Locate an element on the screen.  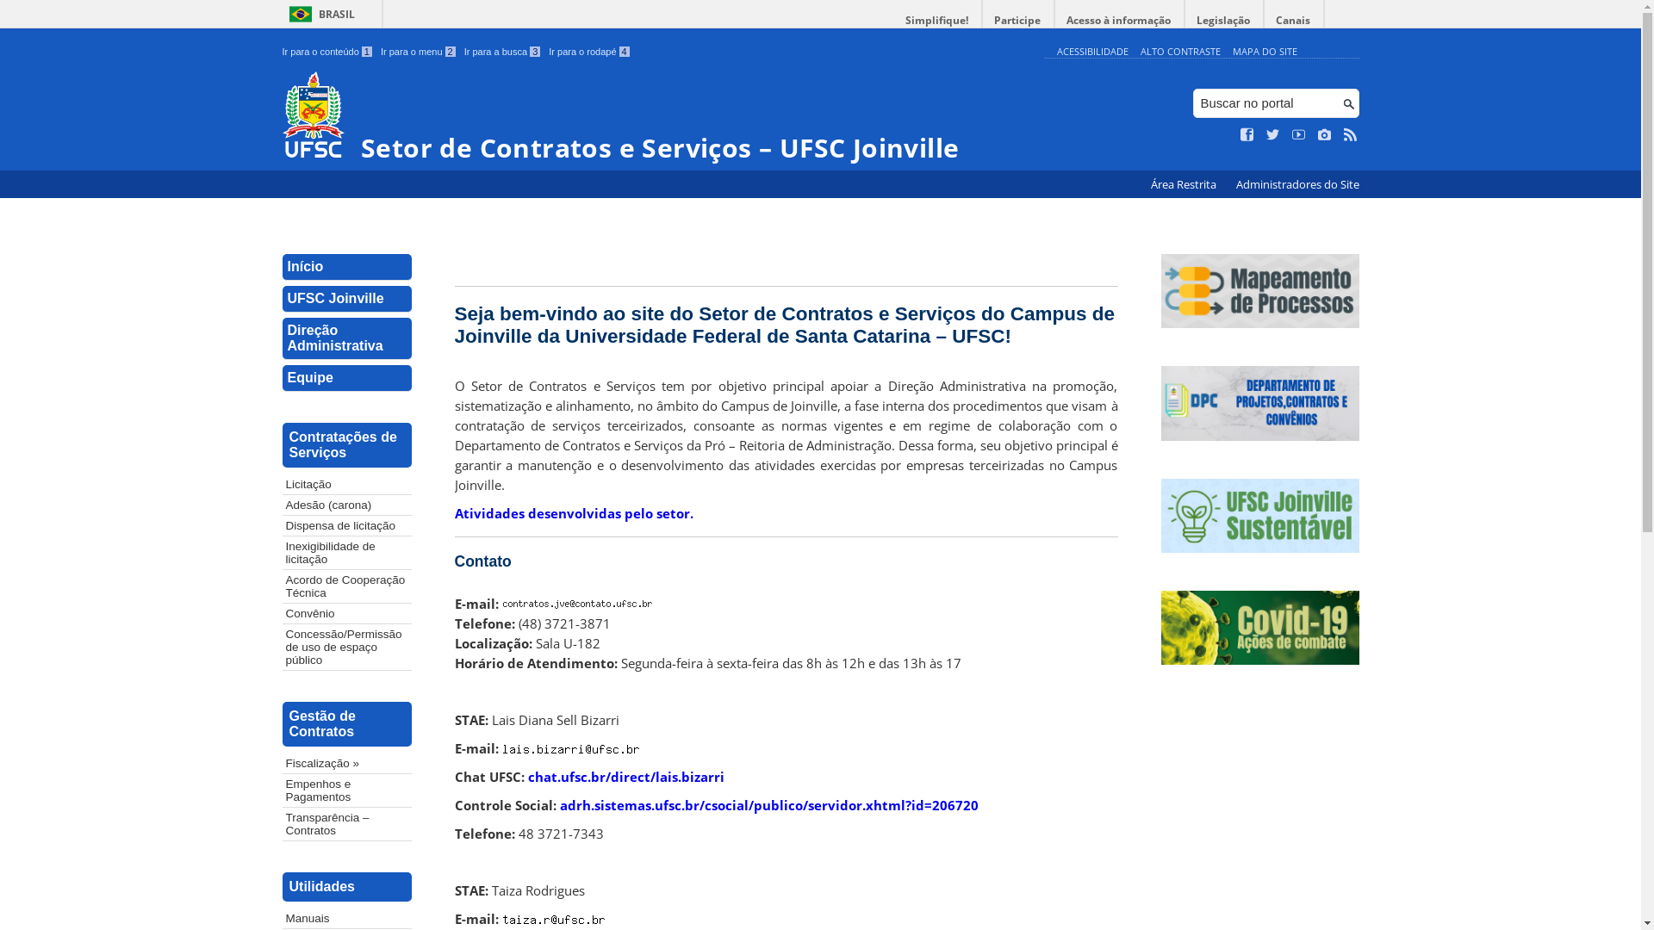
'Siga no Twitter' is located at coordinates (1273, 134).